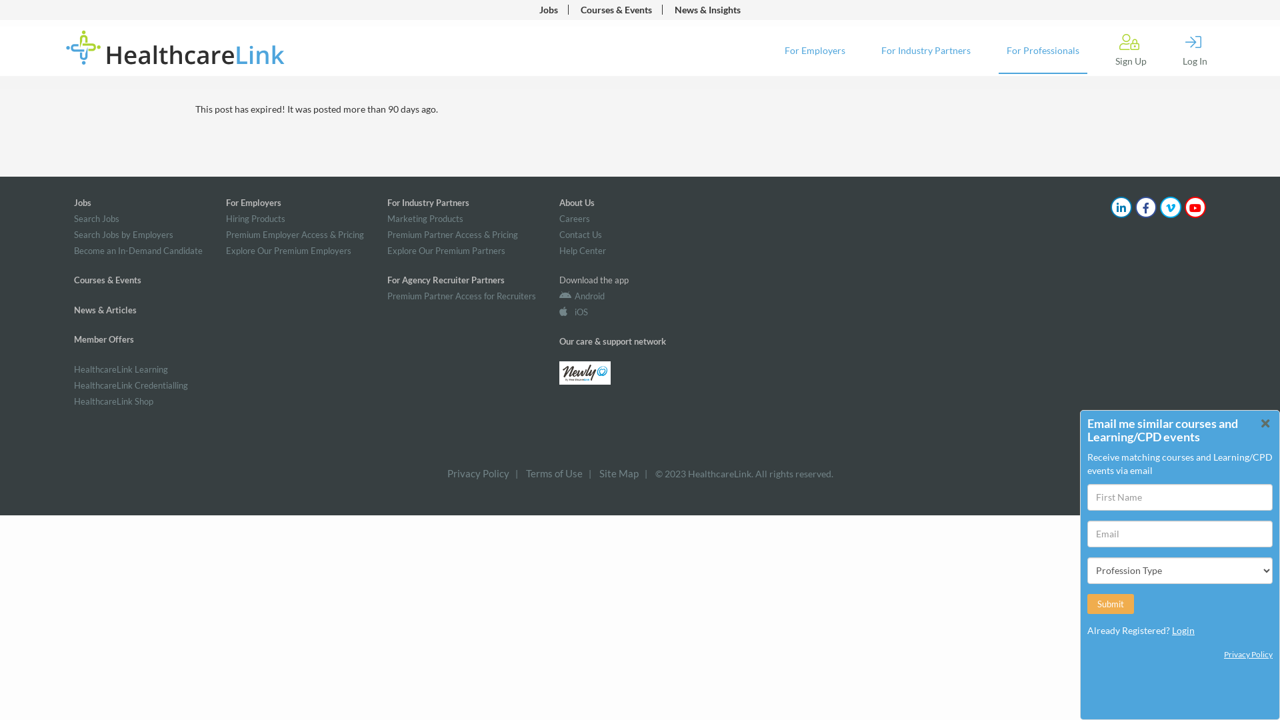 The width and height of the screenshot is (1280, 720). Describe the element at coordinates (121, 369) in the screenshot. I see `'HealthcareLink Learning'` at that location.